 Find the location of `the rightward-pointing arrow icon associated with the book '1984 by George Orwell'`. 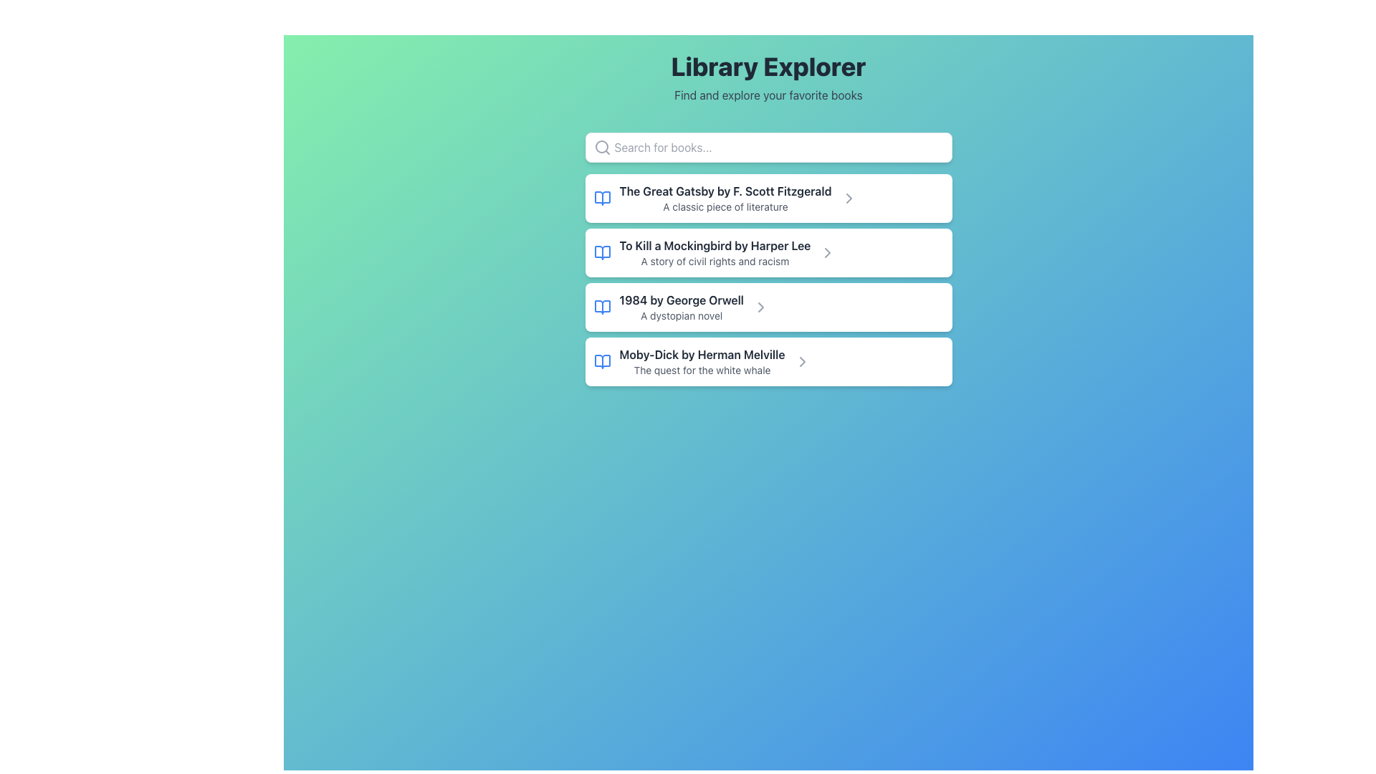

the rightward-pointing arrow icon associated with the book '1984 by George Orwell' is located at coordinates (760, 306).